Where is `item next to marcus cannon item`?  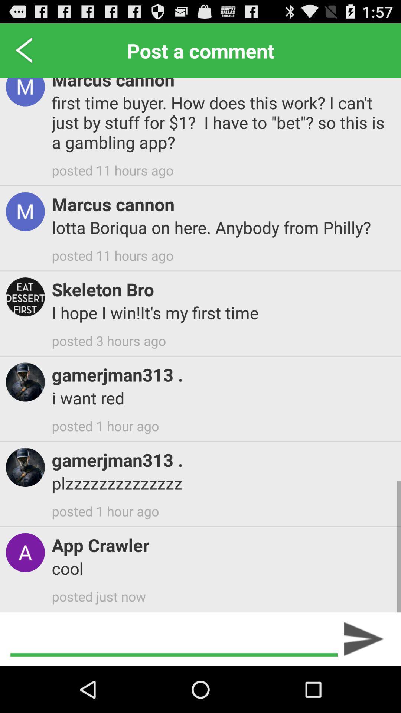 item next to marcus cannon item is located at coordinates (24, 50).